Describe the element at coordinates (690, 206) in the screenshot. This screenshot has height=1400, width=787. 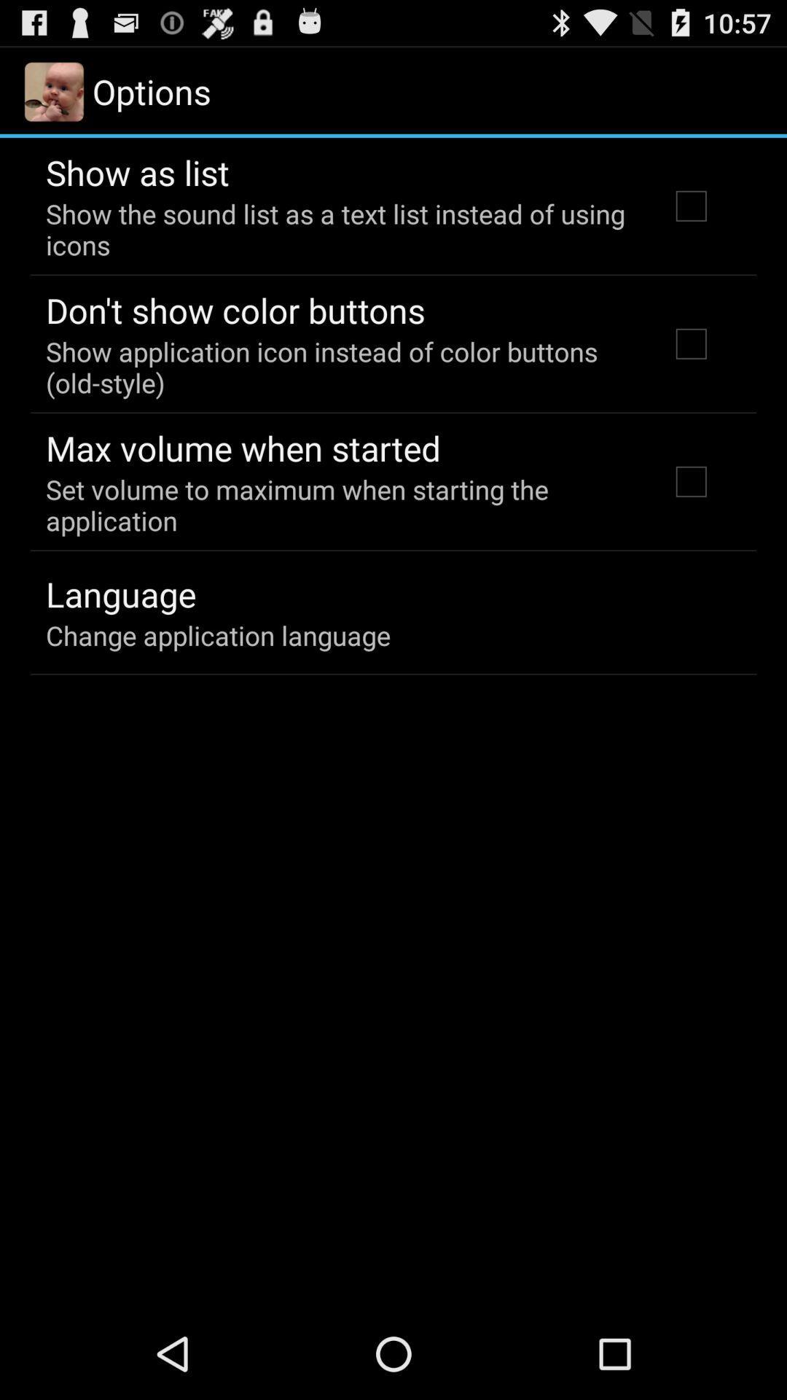
I see `the first check button` at that location.